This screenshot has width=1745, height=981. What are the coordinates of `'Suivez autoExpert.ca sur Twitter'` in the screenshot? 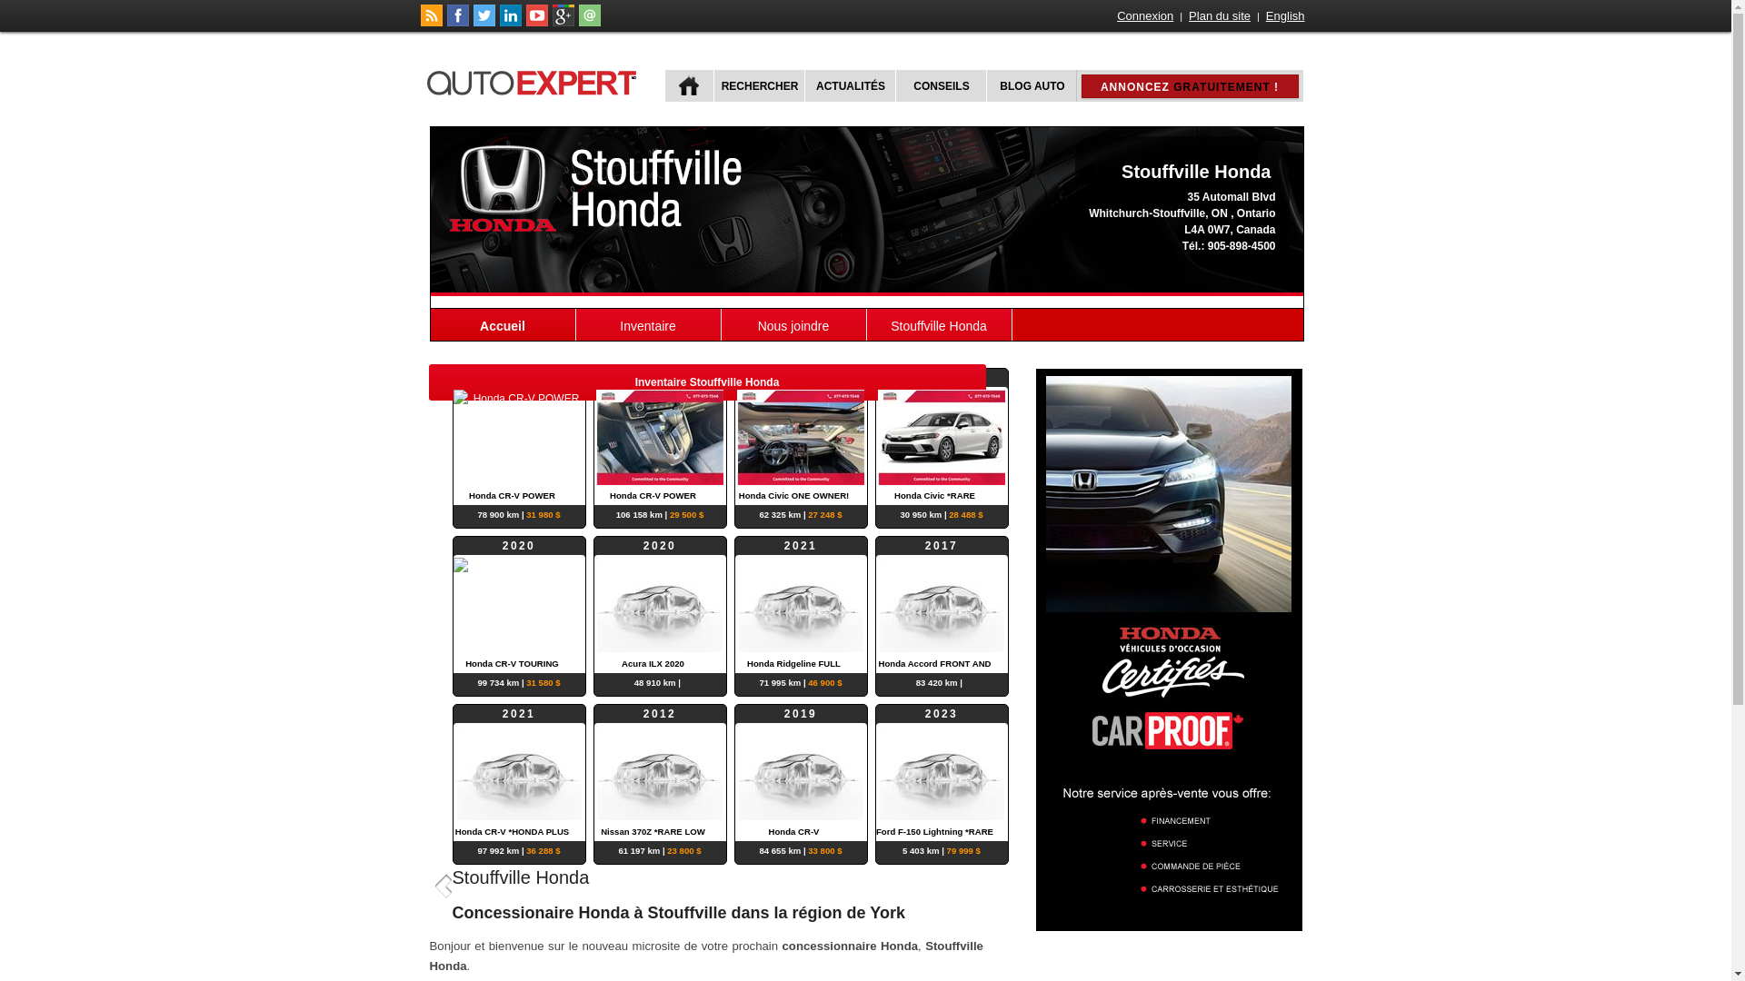 It's located at (484, 22).